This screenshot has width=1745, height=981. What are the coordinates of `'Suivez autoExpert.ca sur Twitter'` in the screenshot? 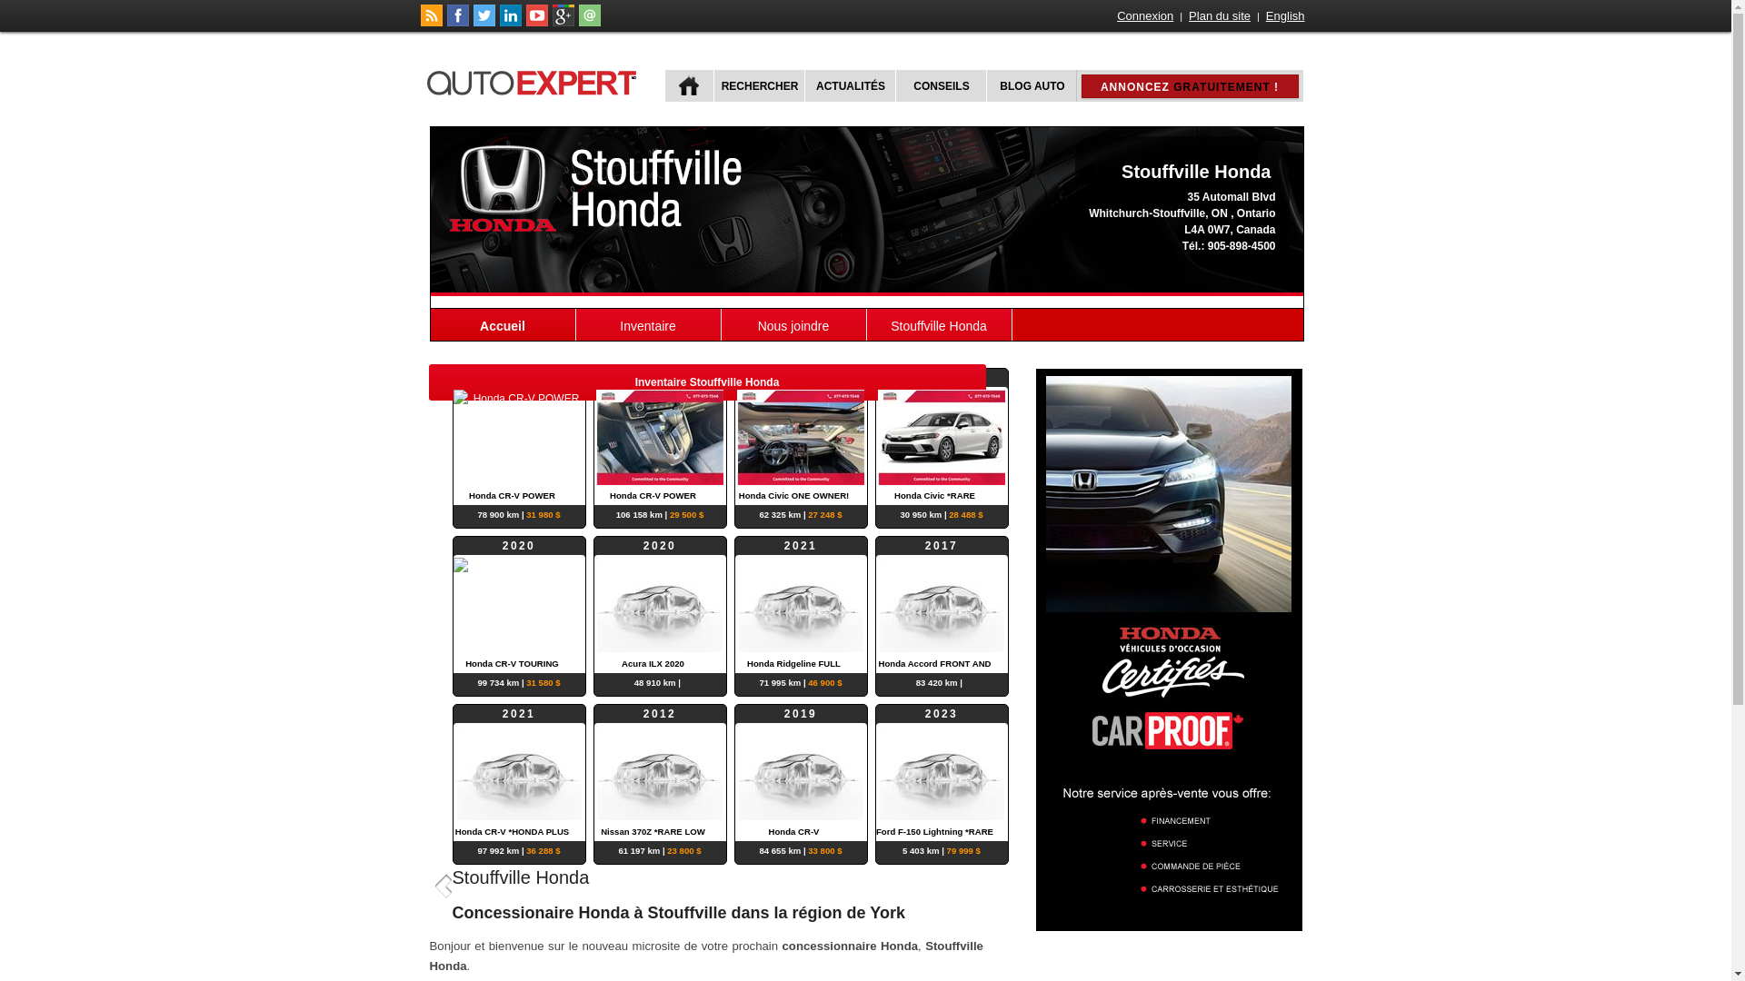 It's located at (484, 22).